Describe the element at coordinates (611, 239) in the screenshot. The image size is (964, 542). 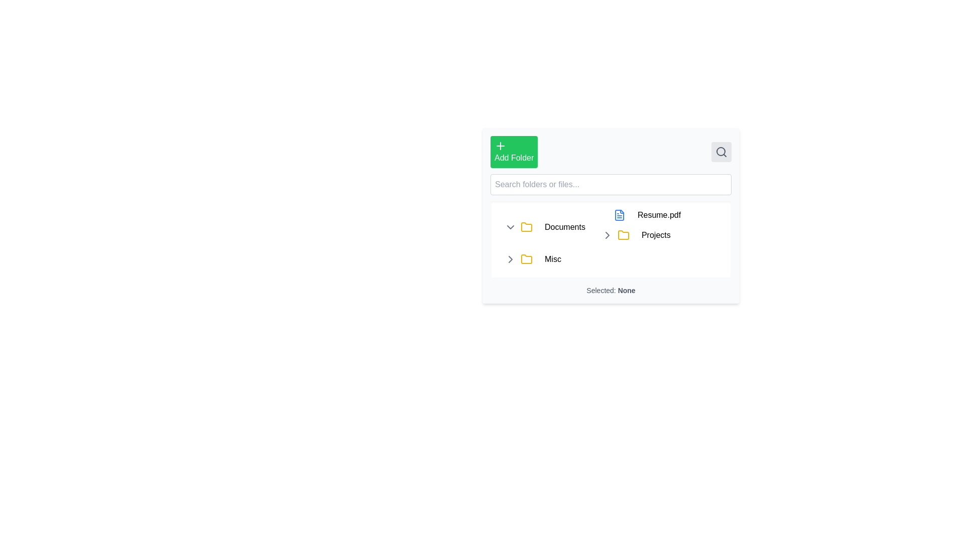
I see `the items within the file explorer interface component located below the 'Add Folder' section, which contains 'Documents', 'Resume.pdf', 'Projects', and 'Misc'` at that location.